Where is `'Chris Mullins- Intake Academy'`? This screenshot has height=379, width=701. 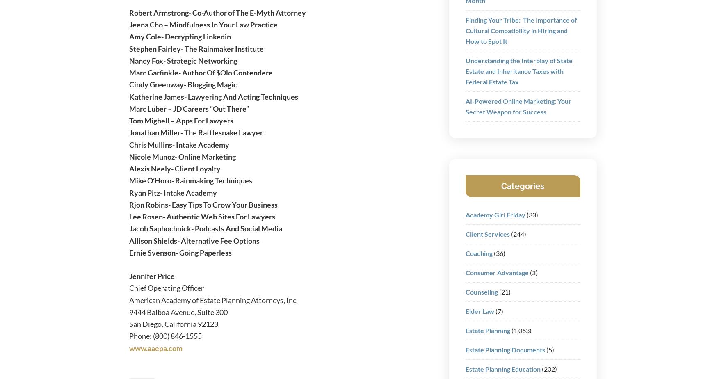 'Chris Mullins- Intake Academy' is located at coordinates (178, 144).